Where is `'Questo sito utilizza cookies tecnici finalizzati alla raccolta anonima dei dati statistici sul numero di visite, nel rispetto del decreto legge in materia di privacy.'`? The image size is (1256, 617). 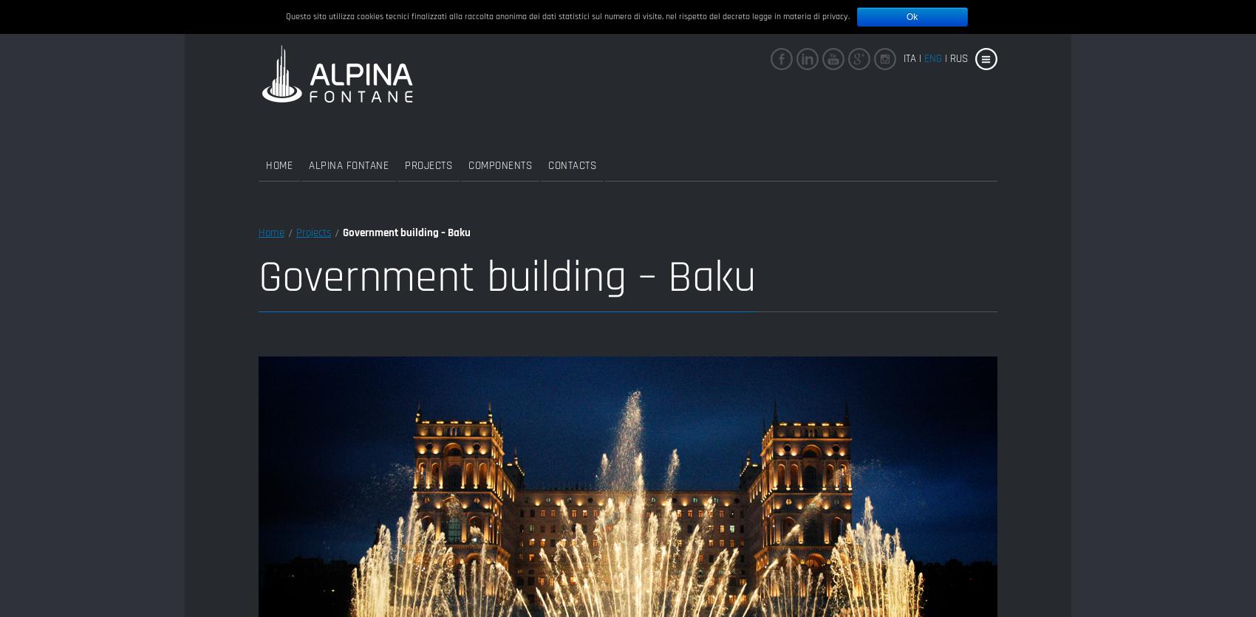
'Questo sito utilizza cookies tecnici finalizzati alla raccolta anonima dei dati statistici sul numero di visite, nel rispetto del decreto legge in materia di privacy.' is located at coordinates (566, 16).